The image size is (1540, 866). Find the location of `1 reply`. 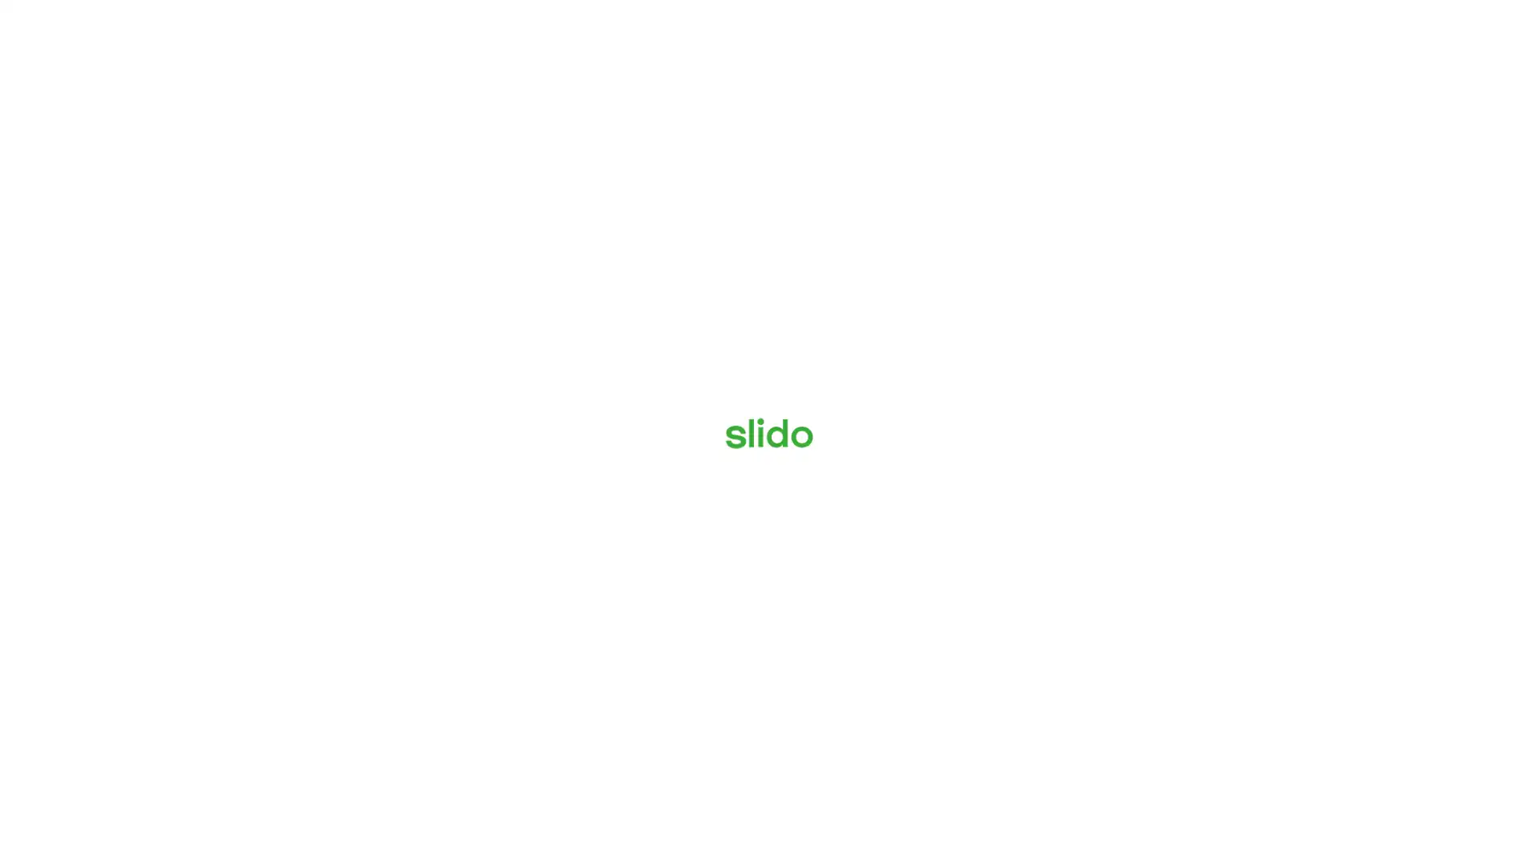

1 reply is located at coordinates (1193, 518).